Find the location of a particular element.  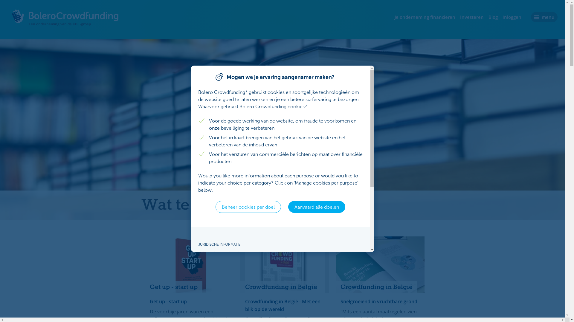

'Investeren' is located at coordinates (471, 17).